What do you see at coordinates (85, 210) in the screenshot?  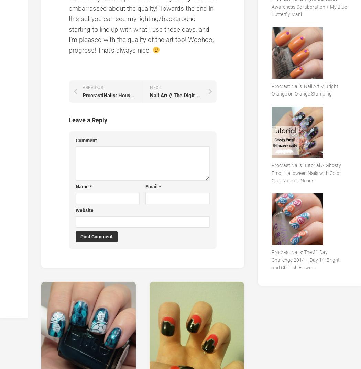 I see `'Website'` at bounding box center [85, 210].